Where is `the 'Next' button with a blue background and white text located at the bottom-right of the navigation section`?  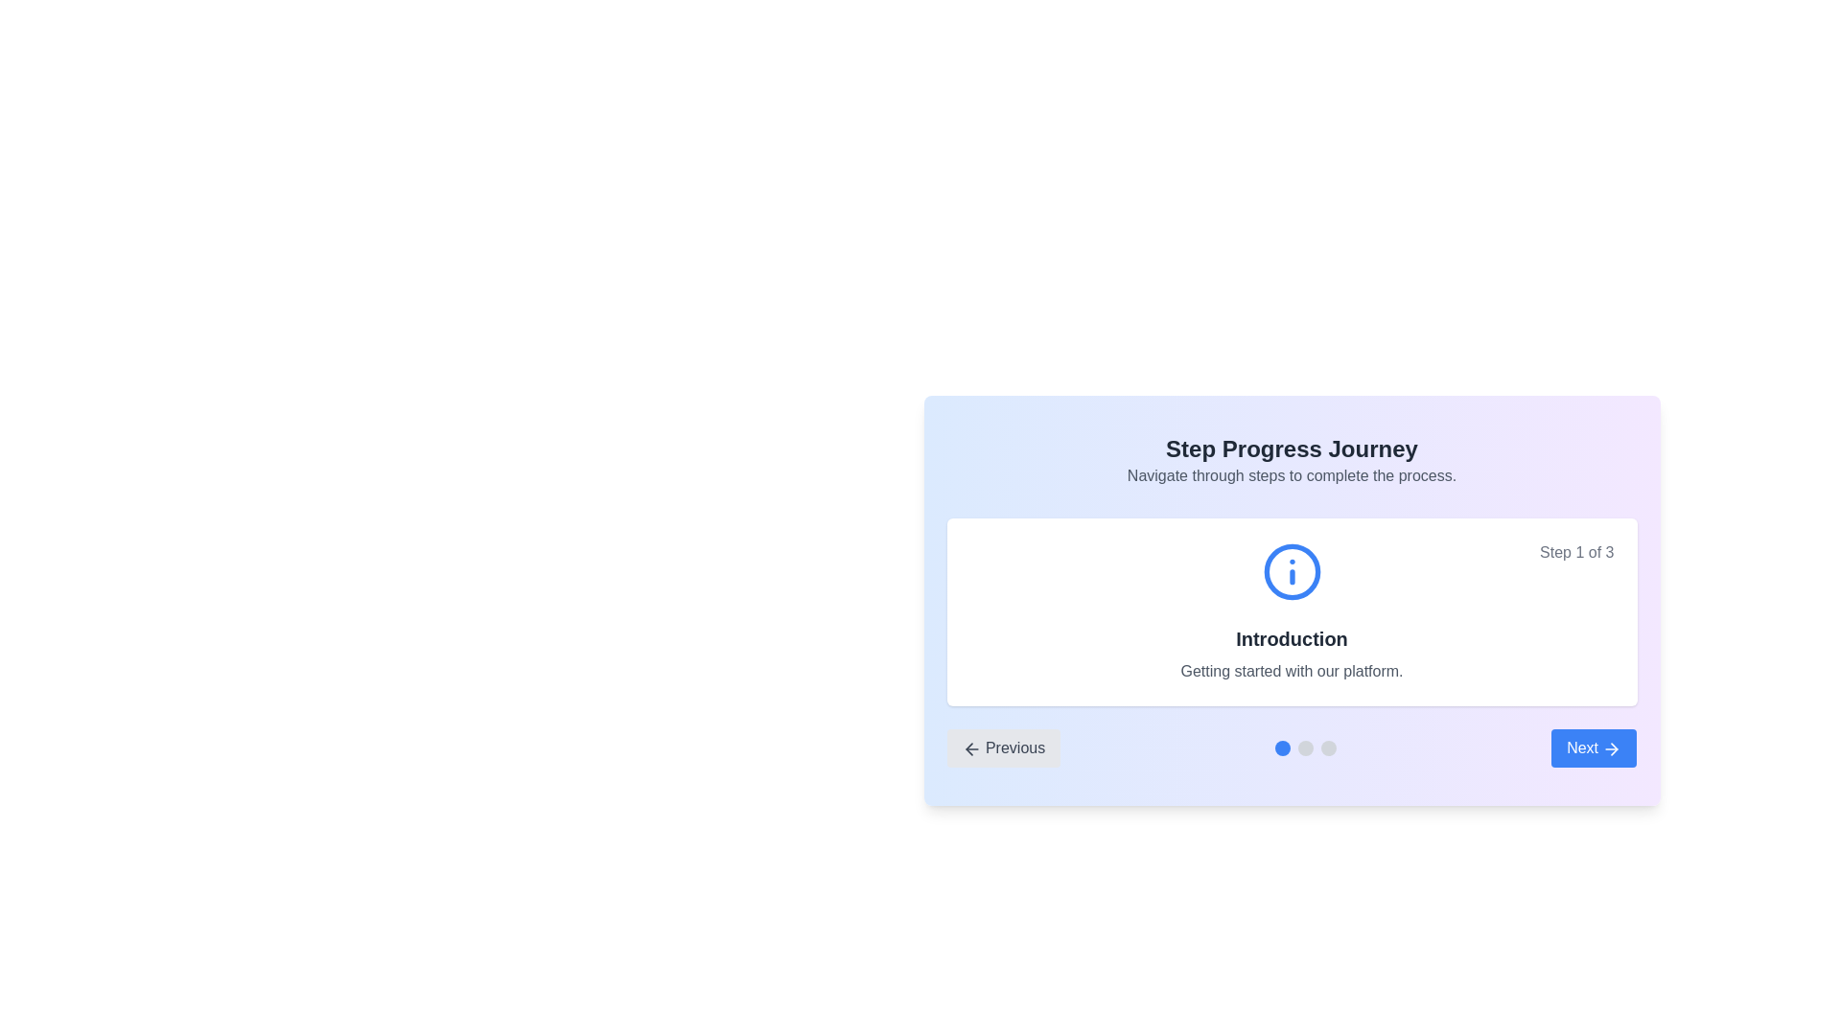 the 'Next' button with a blue background and white text located at the bottom-right of the navigation section is located at coordinates (1594, 747).